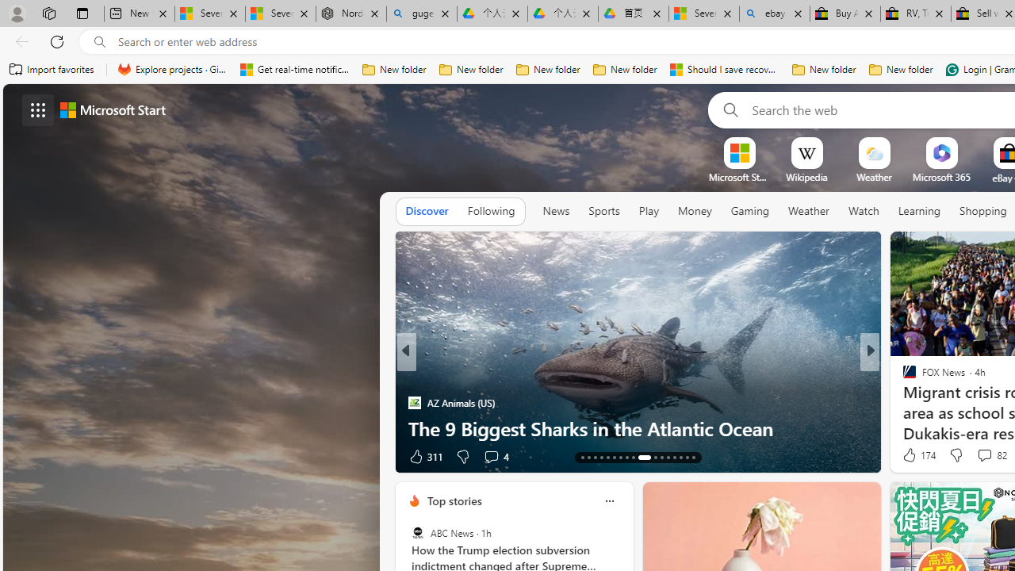 The height and width of the screenshot is (571, 1015). What do you see at coordinates (38, 109) in the screenshot?
I see `'AutomationID: waffle'` at bounding box center [38, 109].